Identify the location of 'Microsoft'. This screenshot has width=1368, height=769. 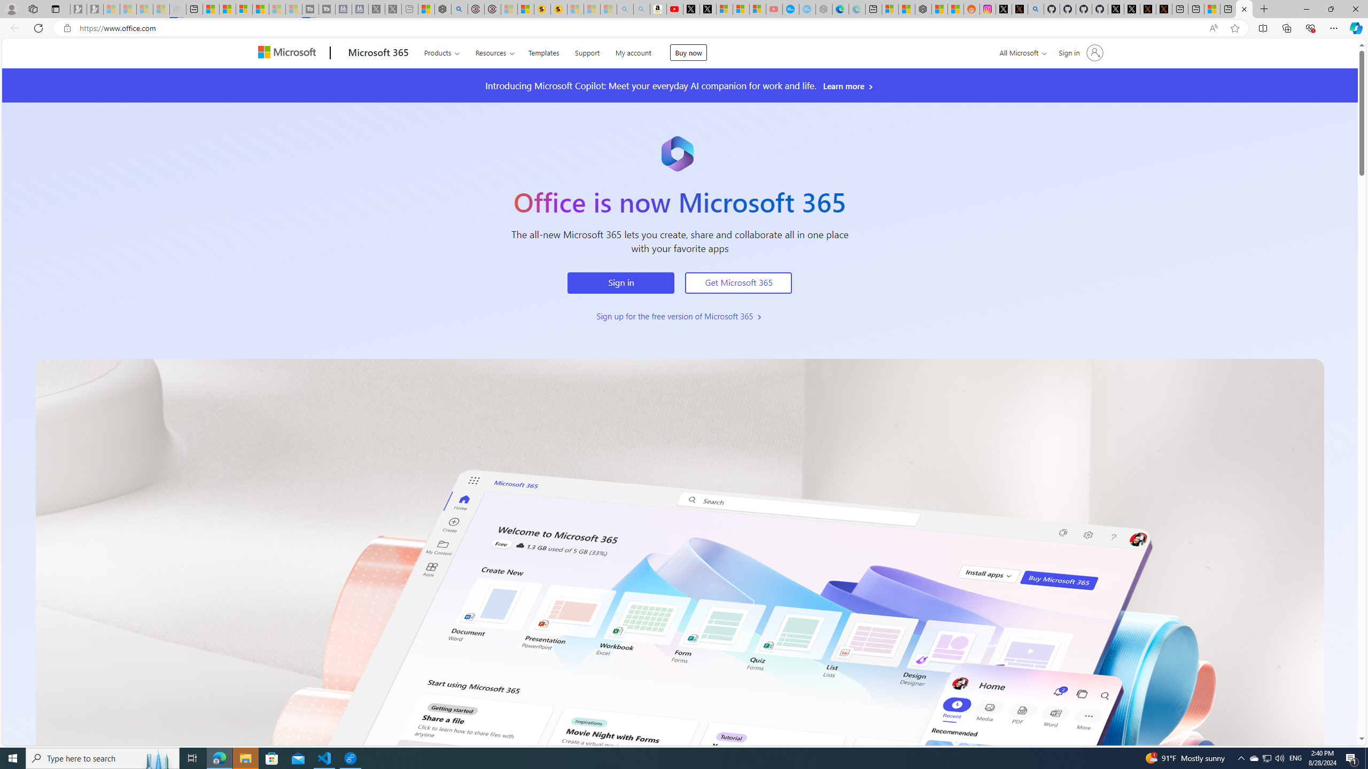
(288, 53).